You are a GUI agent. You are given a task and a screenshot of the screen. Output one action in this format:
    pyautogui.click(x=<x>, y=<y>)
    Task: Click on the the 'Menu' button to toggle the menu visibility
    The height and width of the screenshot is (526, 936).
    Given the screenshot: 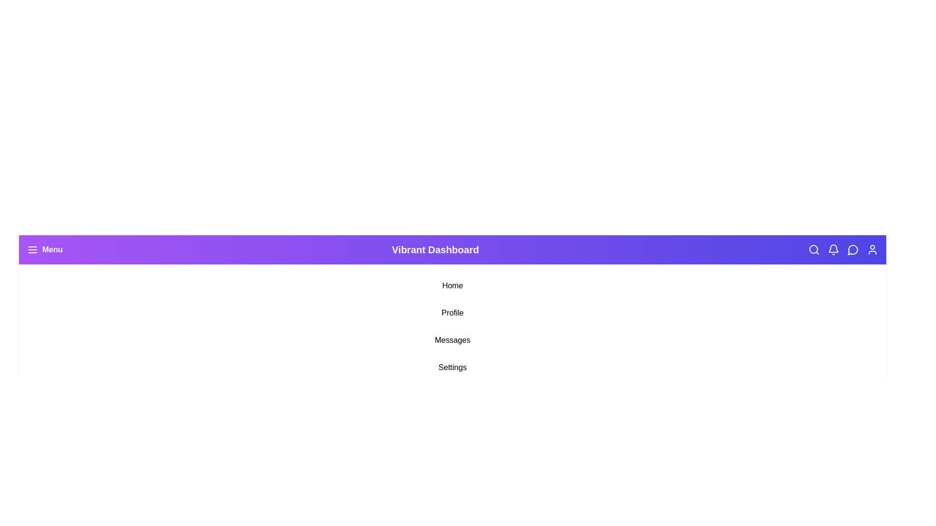 What is the action you would take?
    pyautogui.click(x=44, y=249)
    